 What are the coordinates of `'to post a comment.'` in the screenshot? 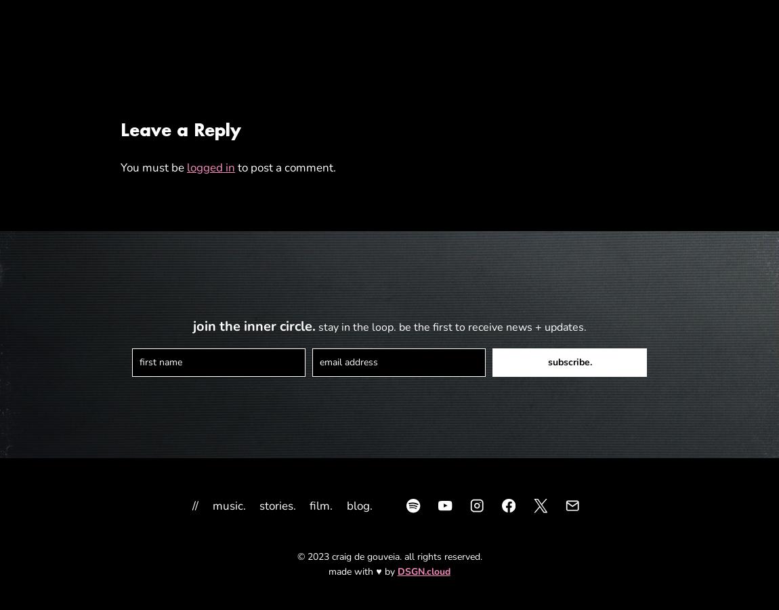 It's located at (285, 167).